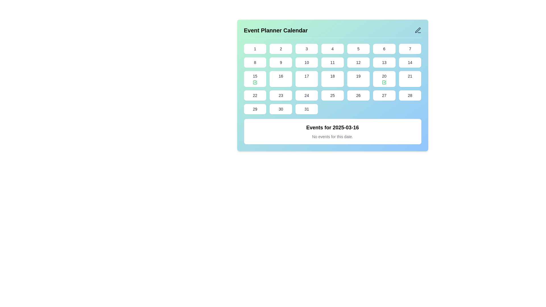  I want to click on the button representing the date '12' in the calendar interface, so click(358, 62).